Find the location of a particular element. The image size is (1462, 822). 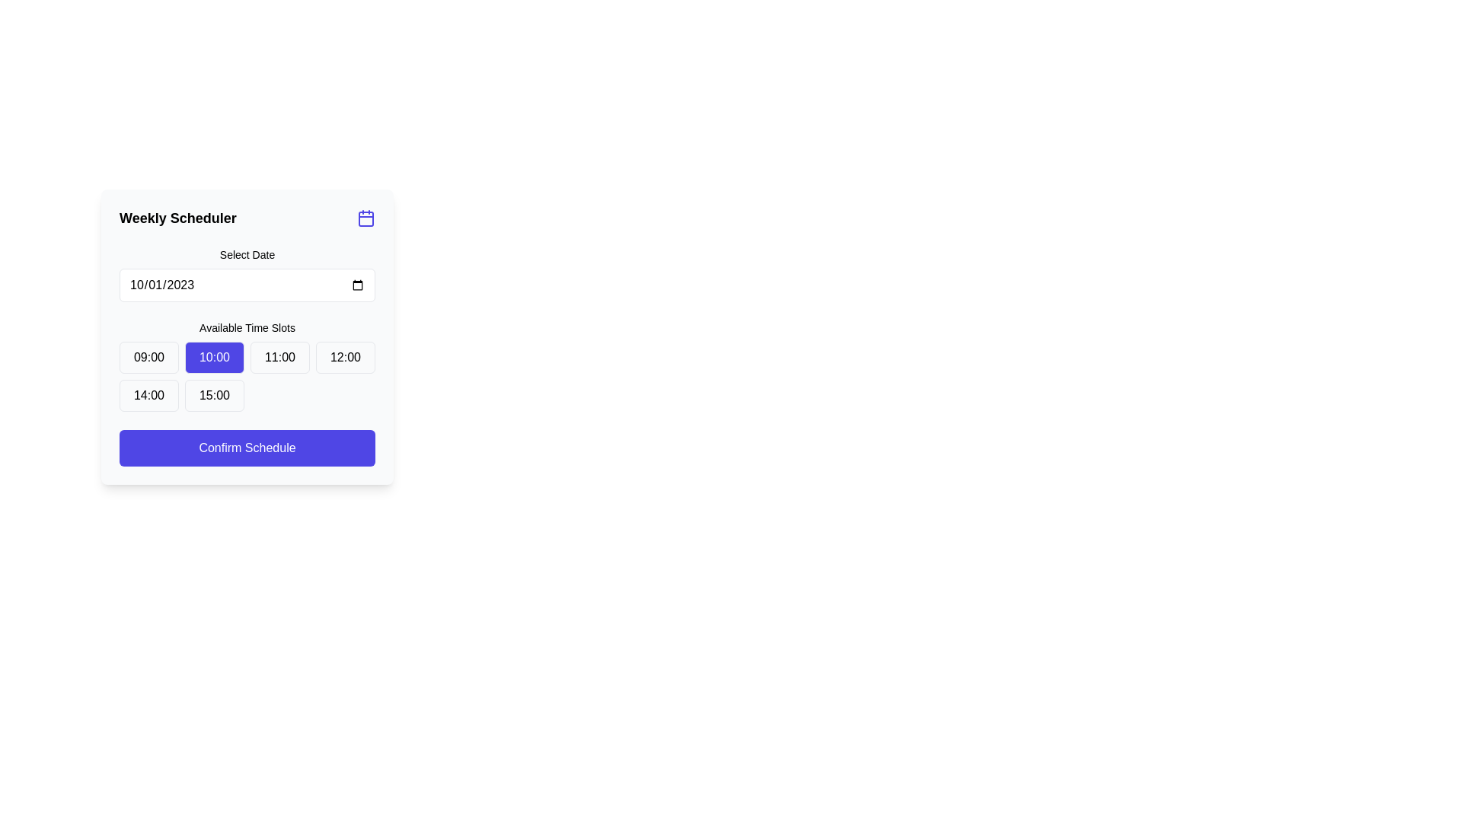

the time slot button displaying '09:00' which is the first button in the grid of available time slots is located at coordinates (149, 358).